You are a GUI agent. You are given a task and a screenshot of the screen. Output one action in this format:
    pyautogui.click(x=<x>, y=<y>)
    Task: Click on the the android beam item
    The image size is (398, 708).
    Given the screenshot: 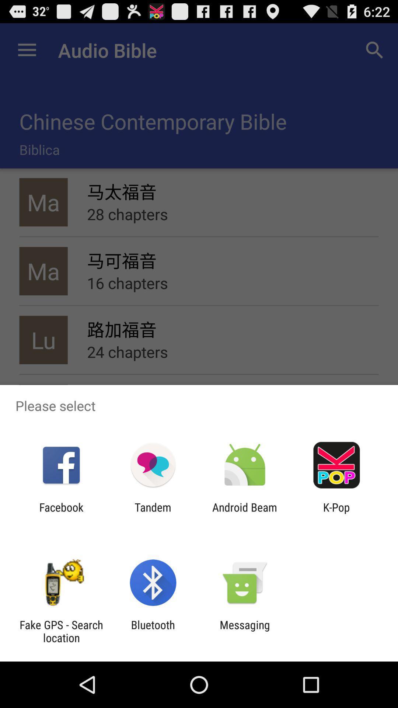 What is the action you would take?
    pyautogui.click(x=245, y=513)
    